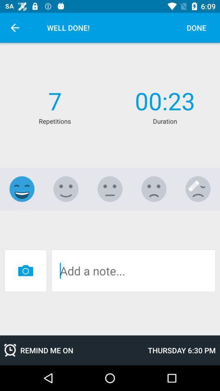  I want to click on the emoji icon, so click(110, 189).